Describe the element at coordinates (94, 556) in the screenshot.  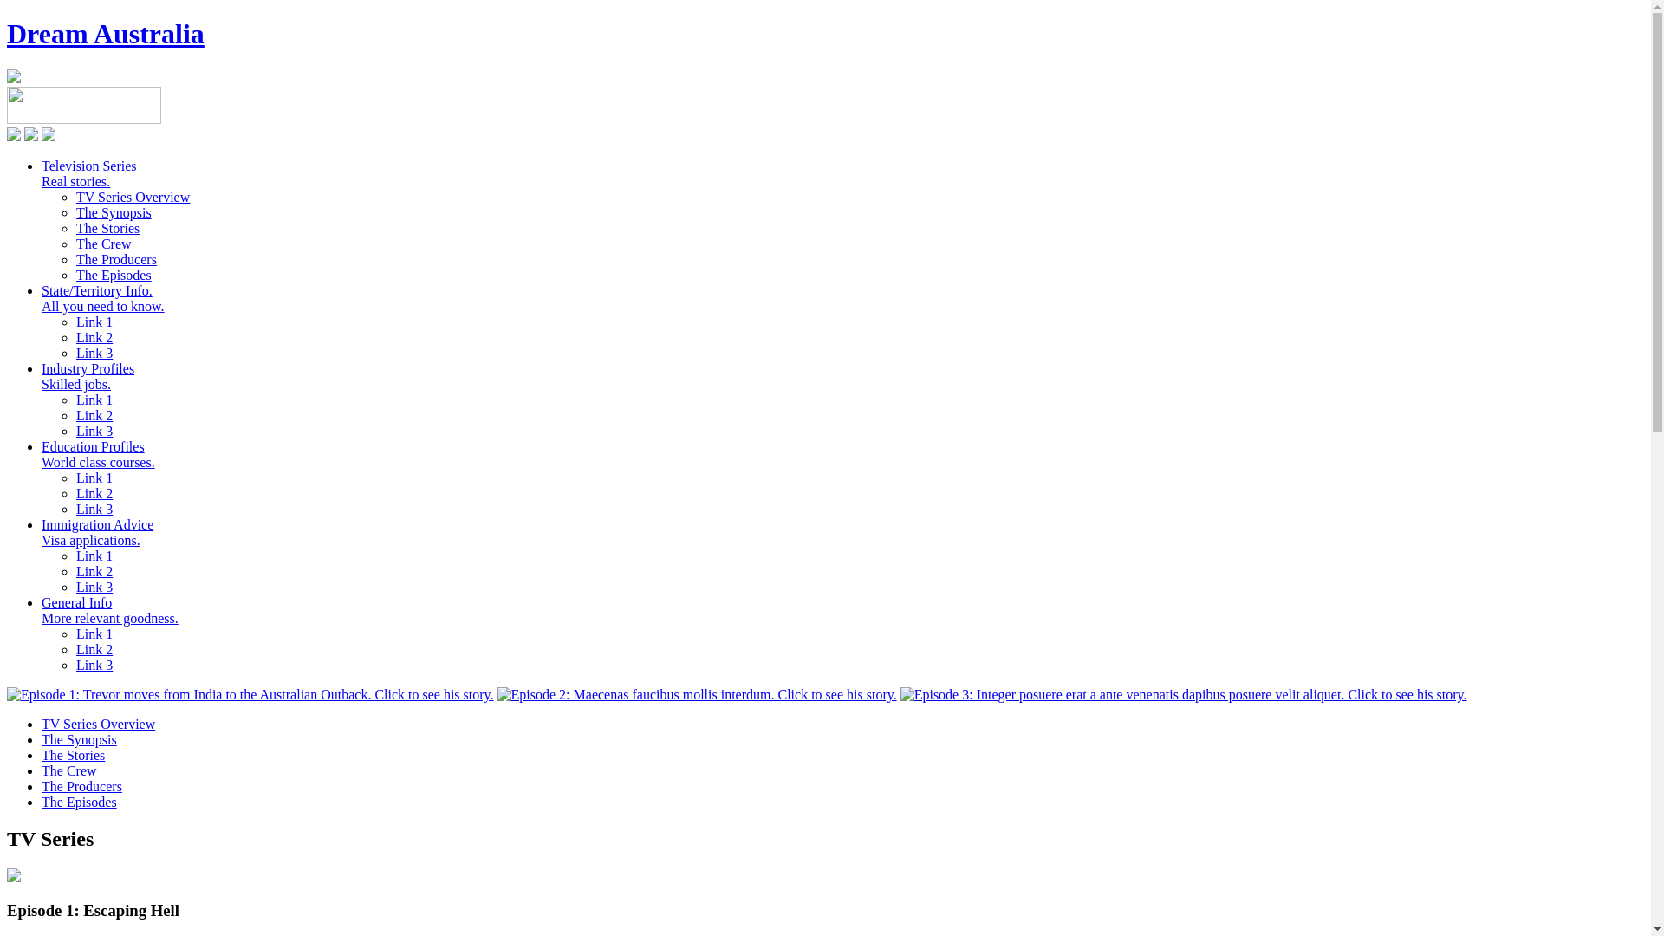
I see `'Link 1'` at that location.